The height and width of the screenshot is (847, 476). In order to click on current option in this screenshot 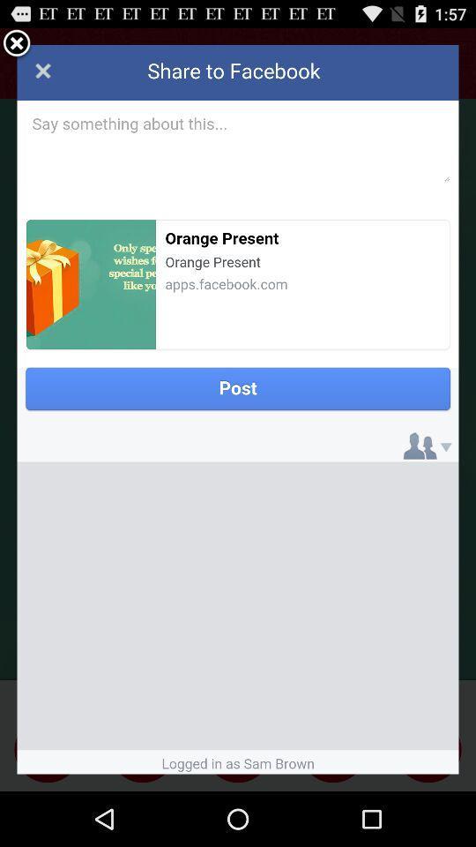, I will do `click(16, 43)`.